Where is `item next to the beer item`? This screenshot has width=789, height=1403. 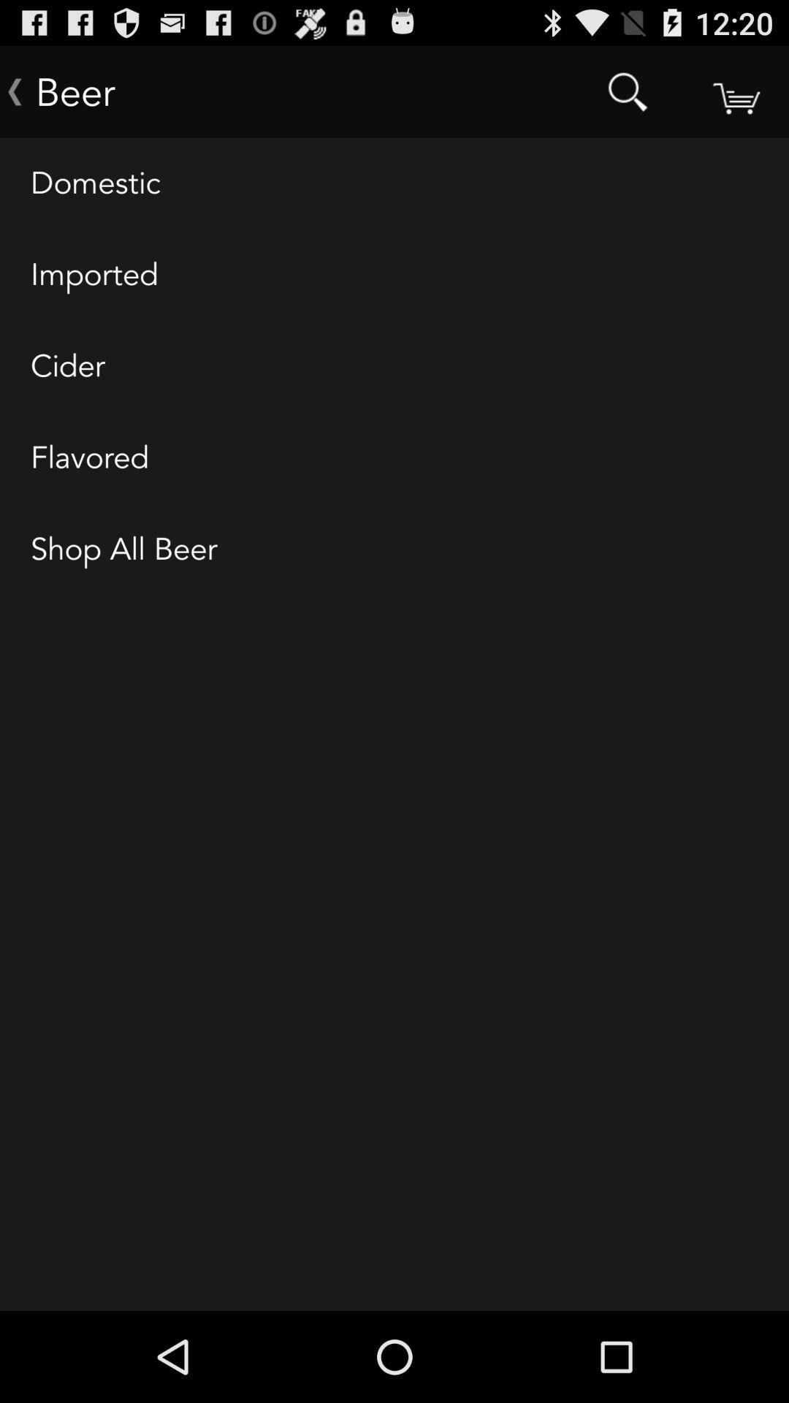 item next to the beer item is located at coordinates (627, 91).